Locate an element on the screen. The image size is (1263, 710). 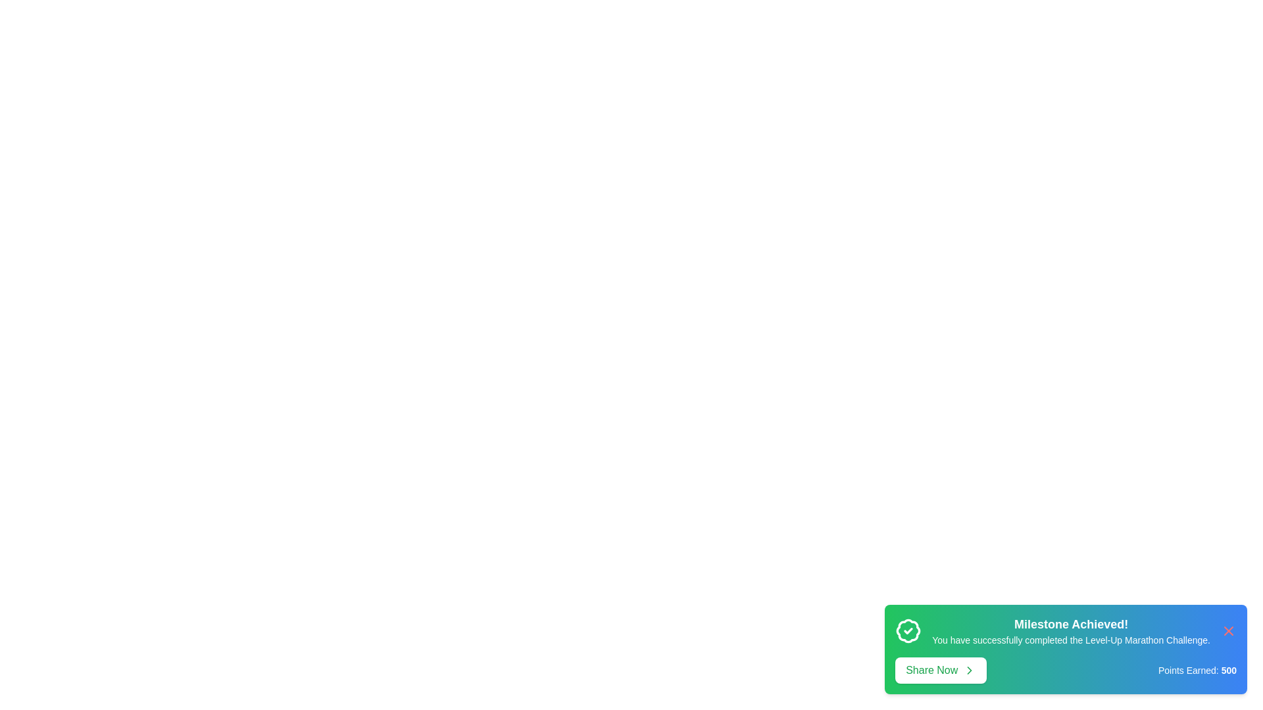
the close button of the snackbar to dismiss it is located at coordinates (1227, 630).